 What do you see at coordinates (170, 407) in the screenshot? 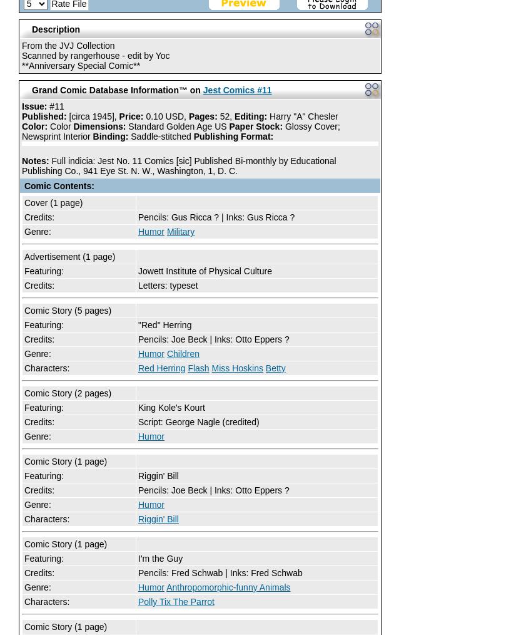
I see `'King Kole's Kourt'` at bounding box center [170, 407].